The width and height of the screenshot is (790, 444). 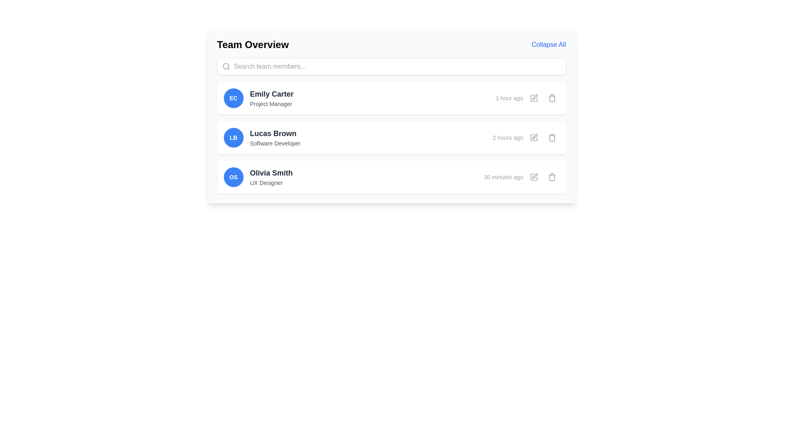 What do you see at coordinates (525, 137) in the screenshot?
I see `the text label displaying '2 hours ago' in light gray, located in the second card under 'Lucas Brown', to the right of the name and role` at bounding box center [525, 137].